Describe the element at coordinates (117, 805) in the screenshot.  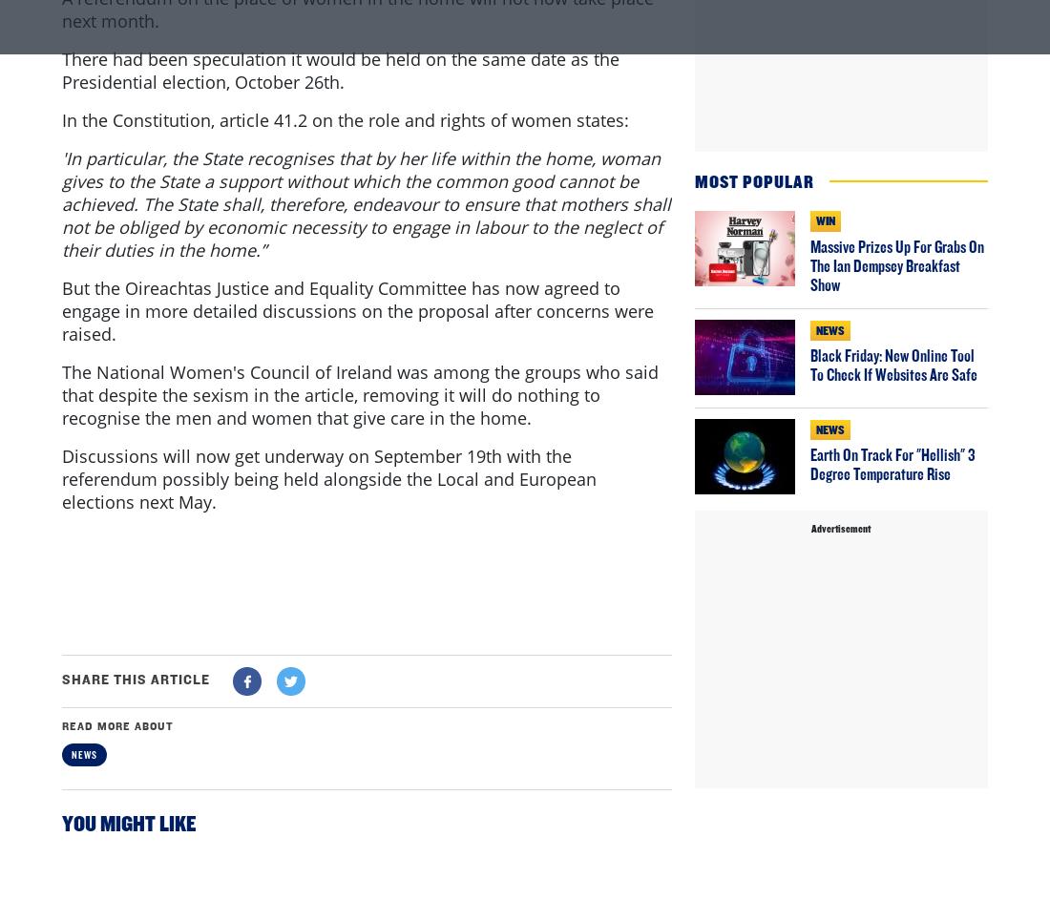
I see `'Read more about'` at that location.